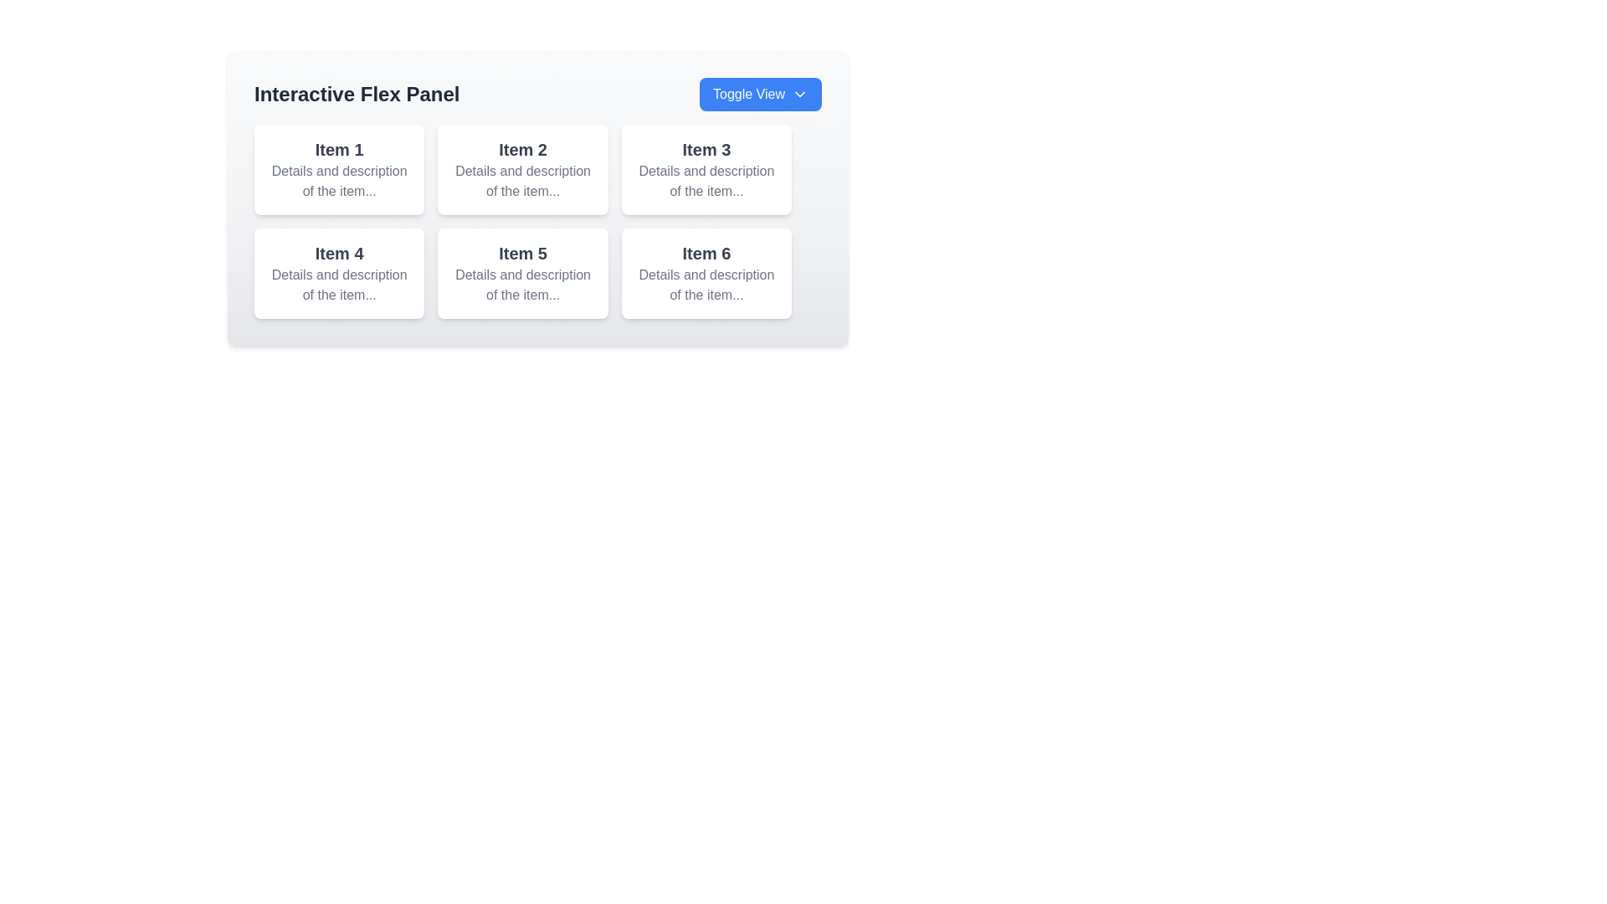 Image resolution: width=1607 pixels, height=904 pixels. Describe the element at coordinates (522, 148) in the screenshot. I see `the title text 'Item 2' located in the second card of a grid` at that location.